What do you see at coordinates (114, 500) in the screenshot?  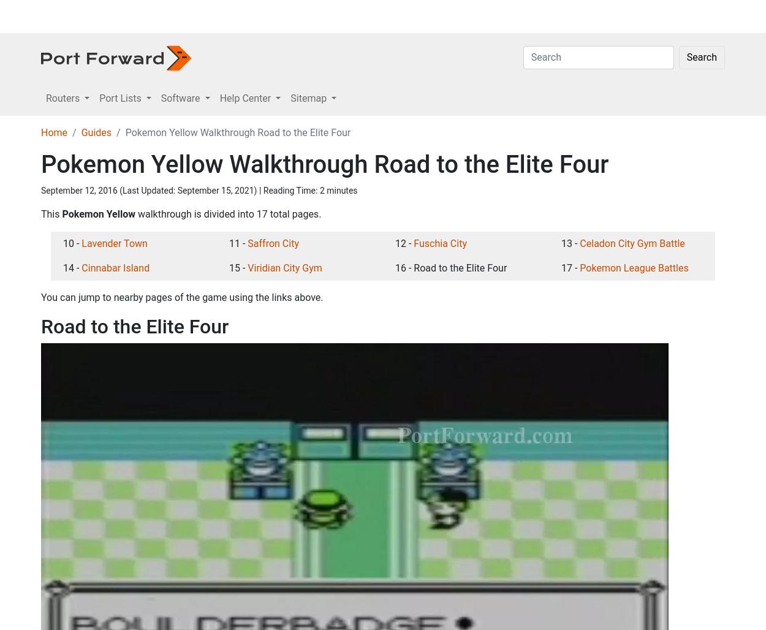 I see `'Lavender Town'` at bounding box center [114, 500].